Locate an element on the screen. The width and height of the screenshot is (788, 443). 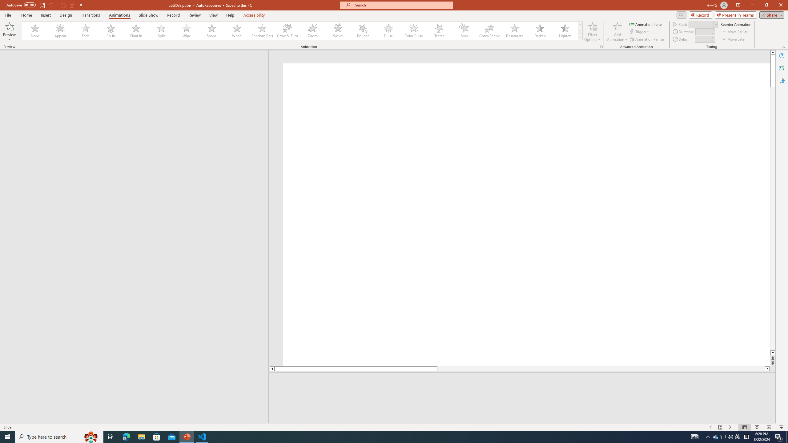
'Spin' is located at coordinates (464, 30).